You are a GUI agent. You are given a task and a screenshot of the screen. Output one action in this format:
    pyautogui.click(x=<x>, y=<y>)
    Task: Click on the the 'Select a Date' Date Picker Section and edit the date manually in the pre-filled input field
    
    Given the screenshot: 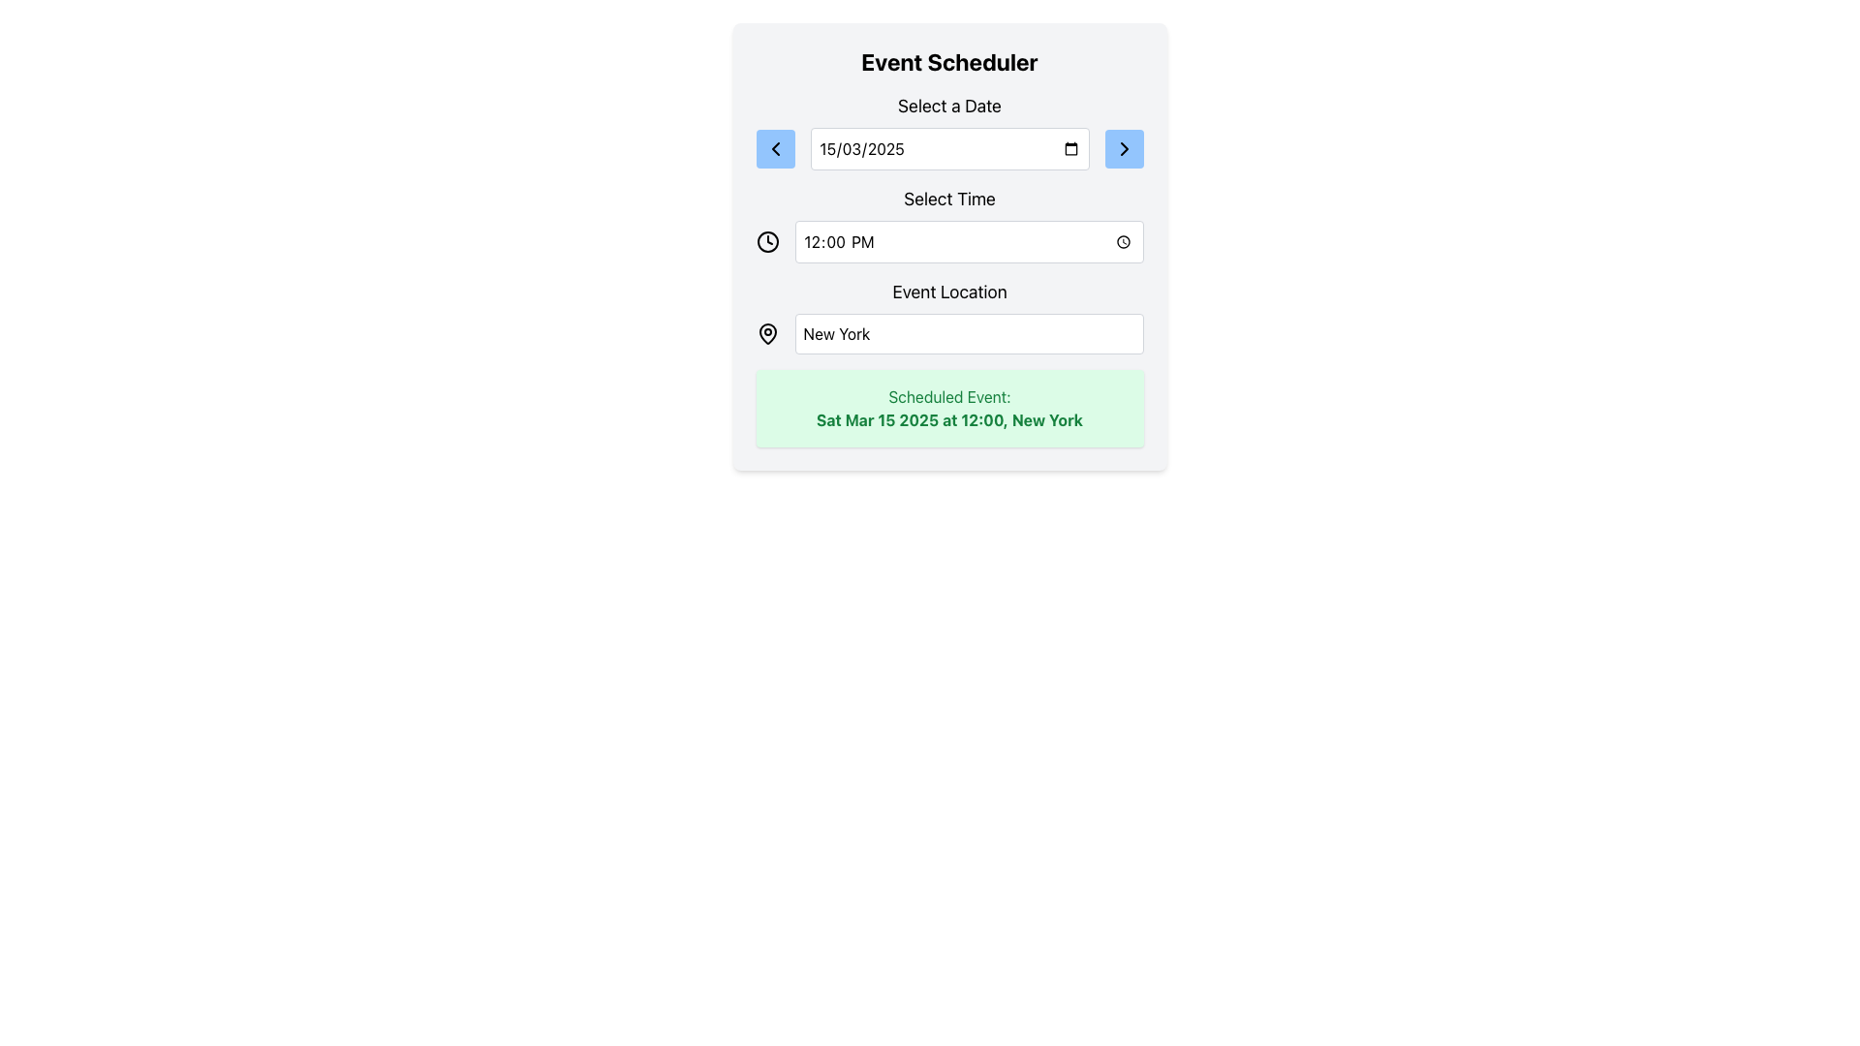 What is the action you would take?
    pyautogui.click(x=949, y=131)
    